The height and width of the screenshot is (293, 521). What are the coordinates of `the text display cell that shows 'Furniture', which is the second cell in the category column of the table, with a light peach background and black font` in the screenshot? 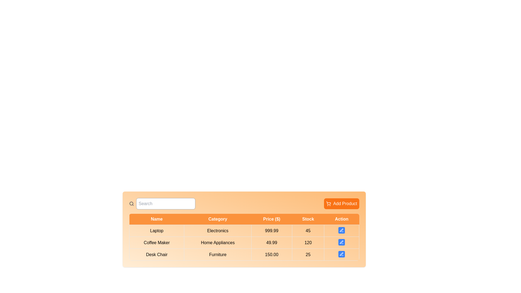 It's located at (218, 254).